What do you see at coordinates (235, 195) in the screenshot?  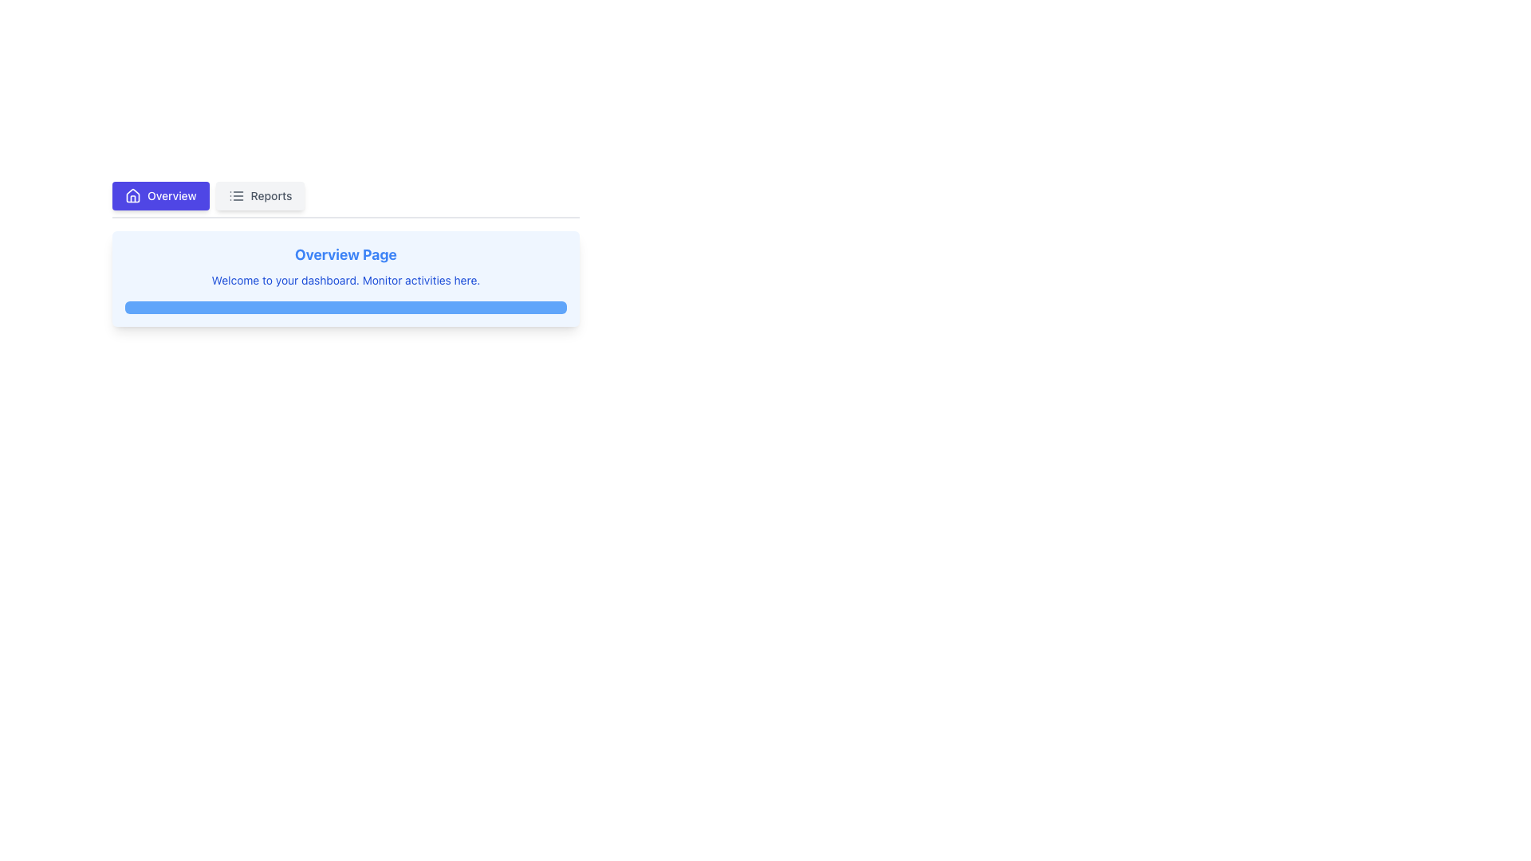 I see `the Reports tab icon, which represents the functionality for accessing or managing various reports, located on the left side of the text 'Reports'` at bounding box center [235, 195].